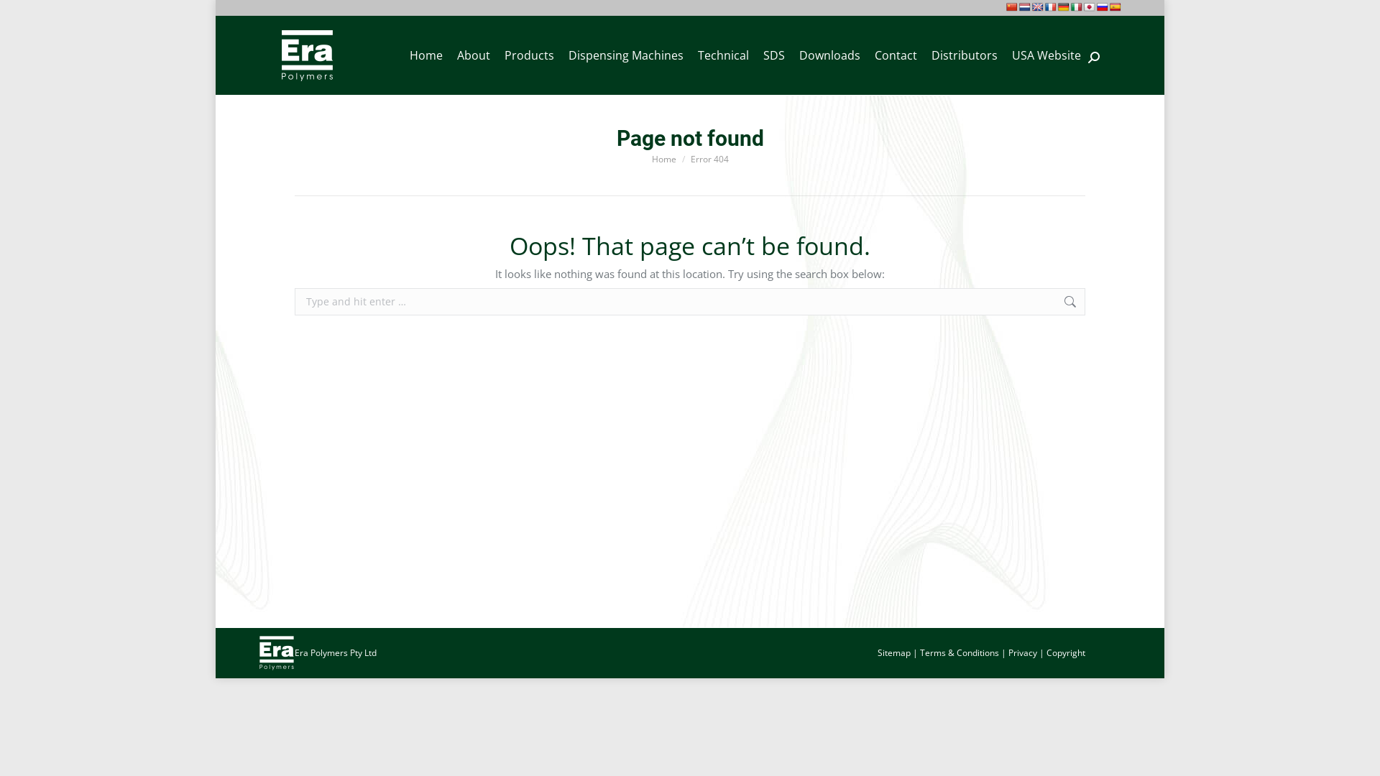 The width and height of the screenshot is (1380, 776). What do you see at coordinates (1063, 7) in the screenshot?
I see `'German'` at bounding box center [1063, 7].